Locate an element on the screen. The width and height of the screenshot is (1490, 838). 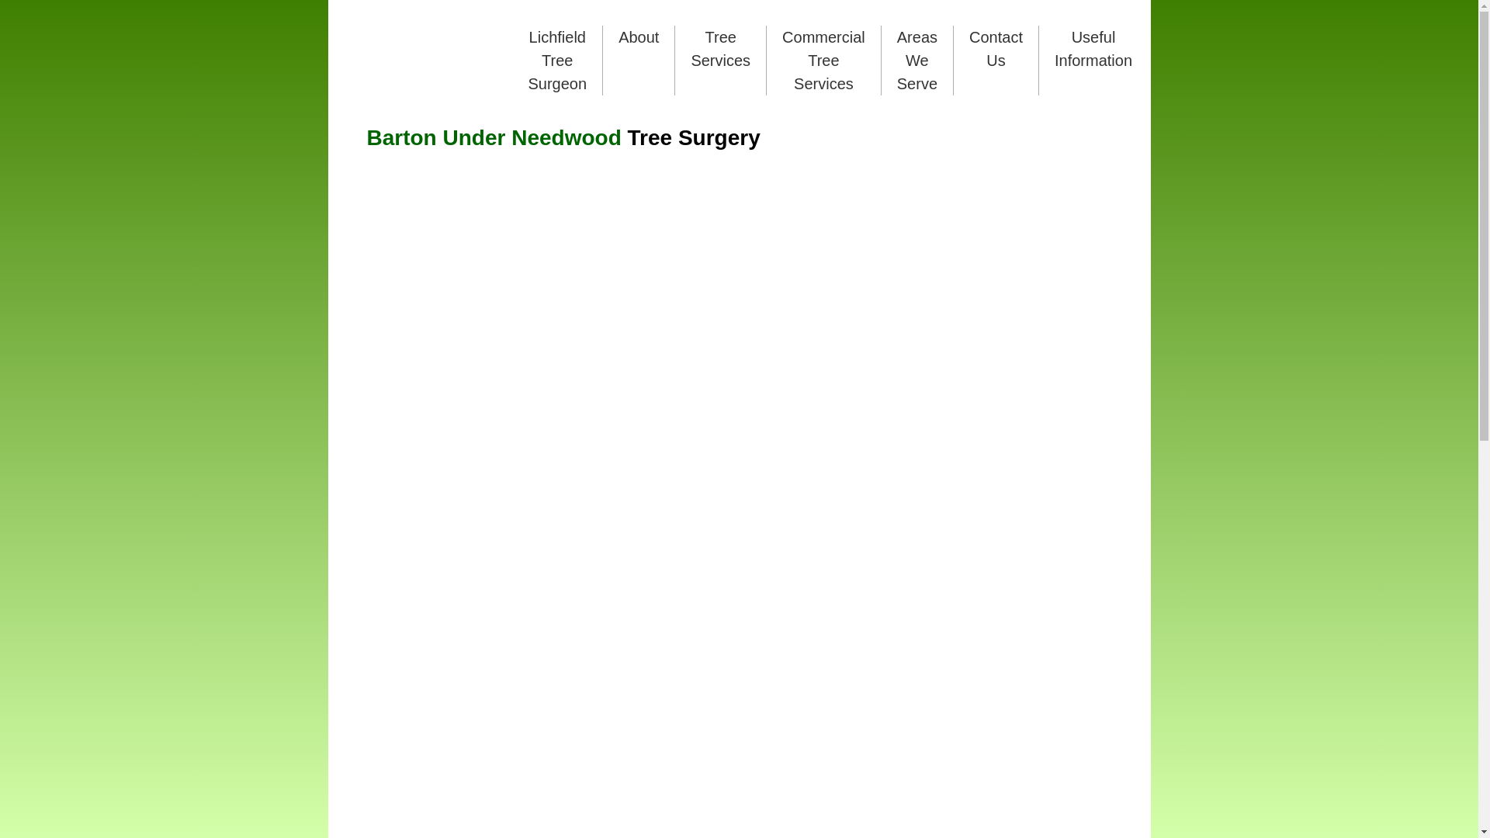
'Commercial Tree Services' is located at coordinates (782, 59).